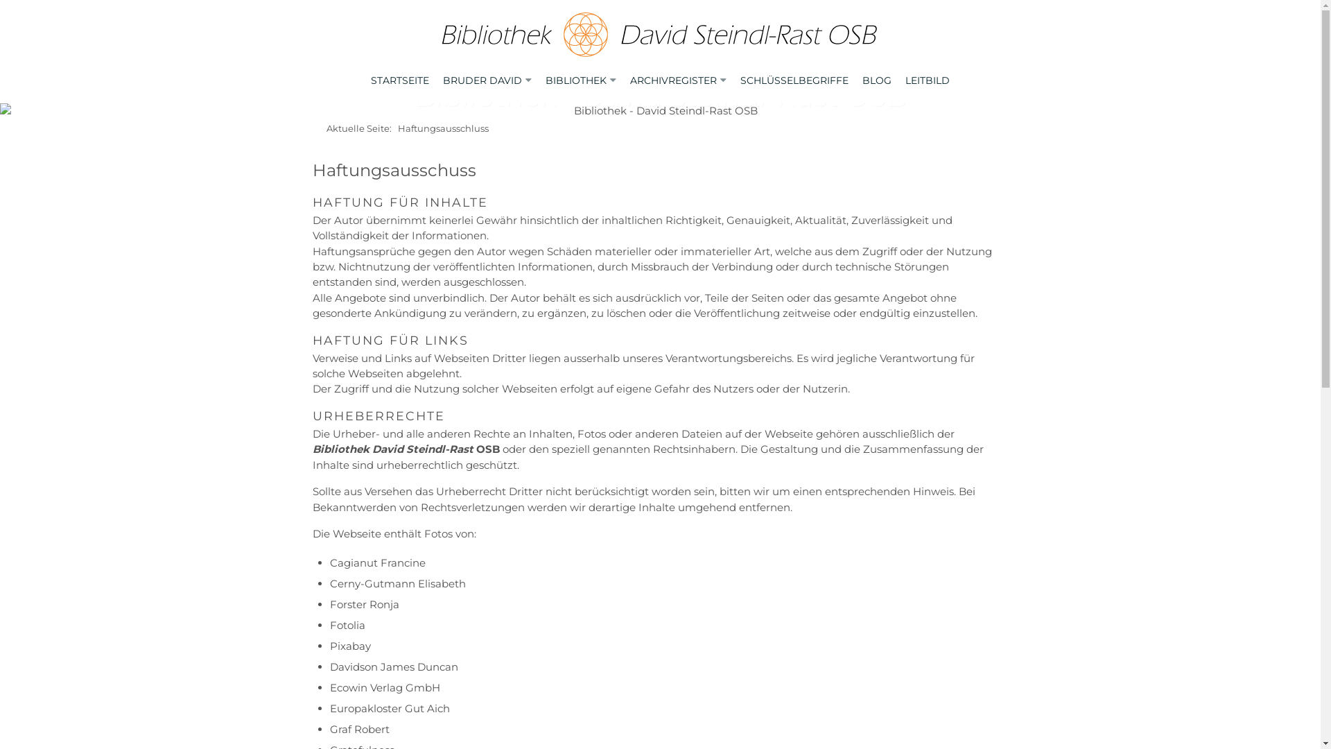  What do you see at coordinates (575, 80) in the screenshot?
I see `'BIBLIOTHEK'` at bounding box center [575, 80].